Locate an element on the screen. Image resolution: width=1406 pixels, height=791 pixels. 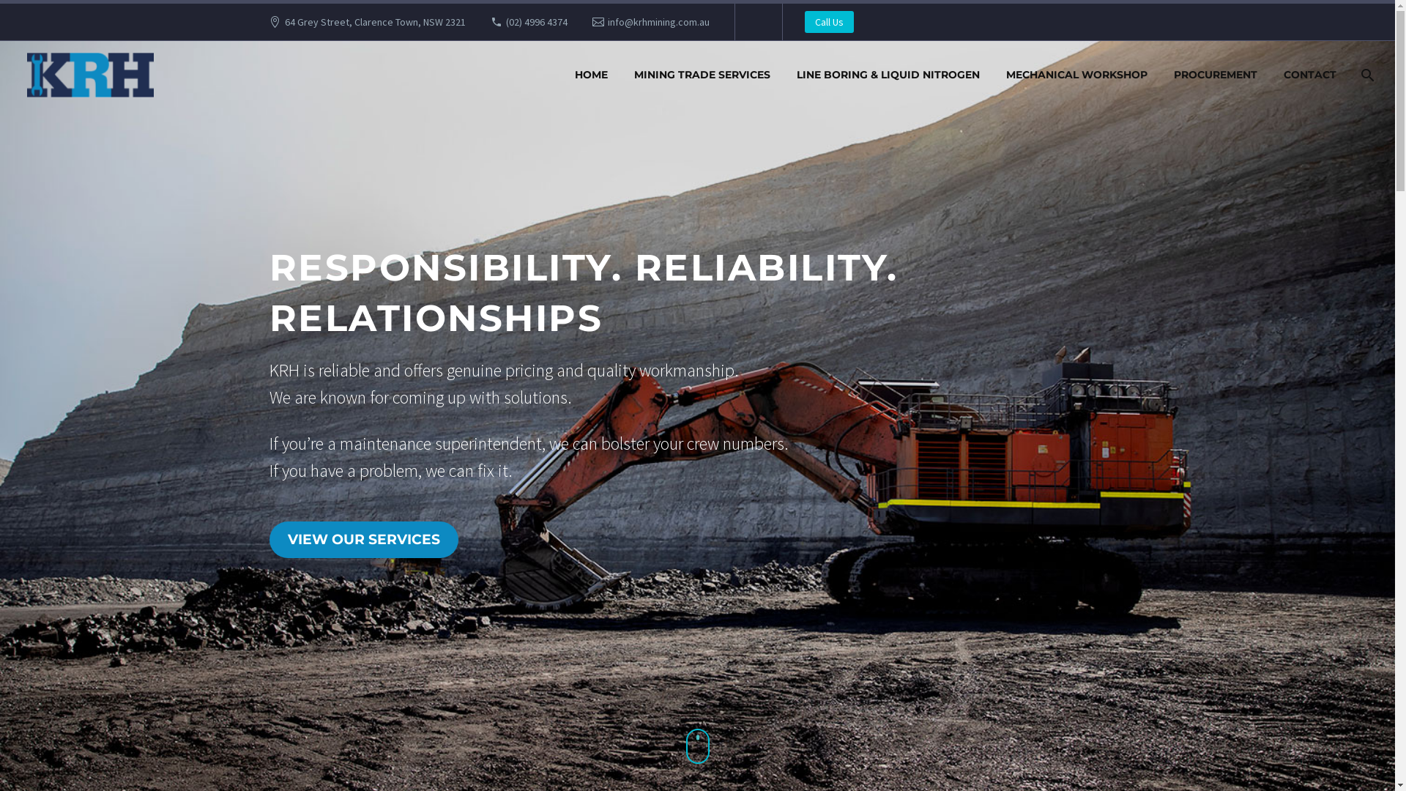
'VIEW OUR SERVICES' is located at coordinates (364, 539).